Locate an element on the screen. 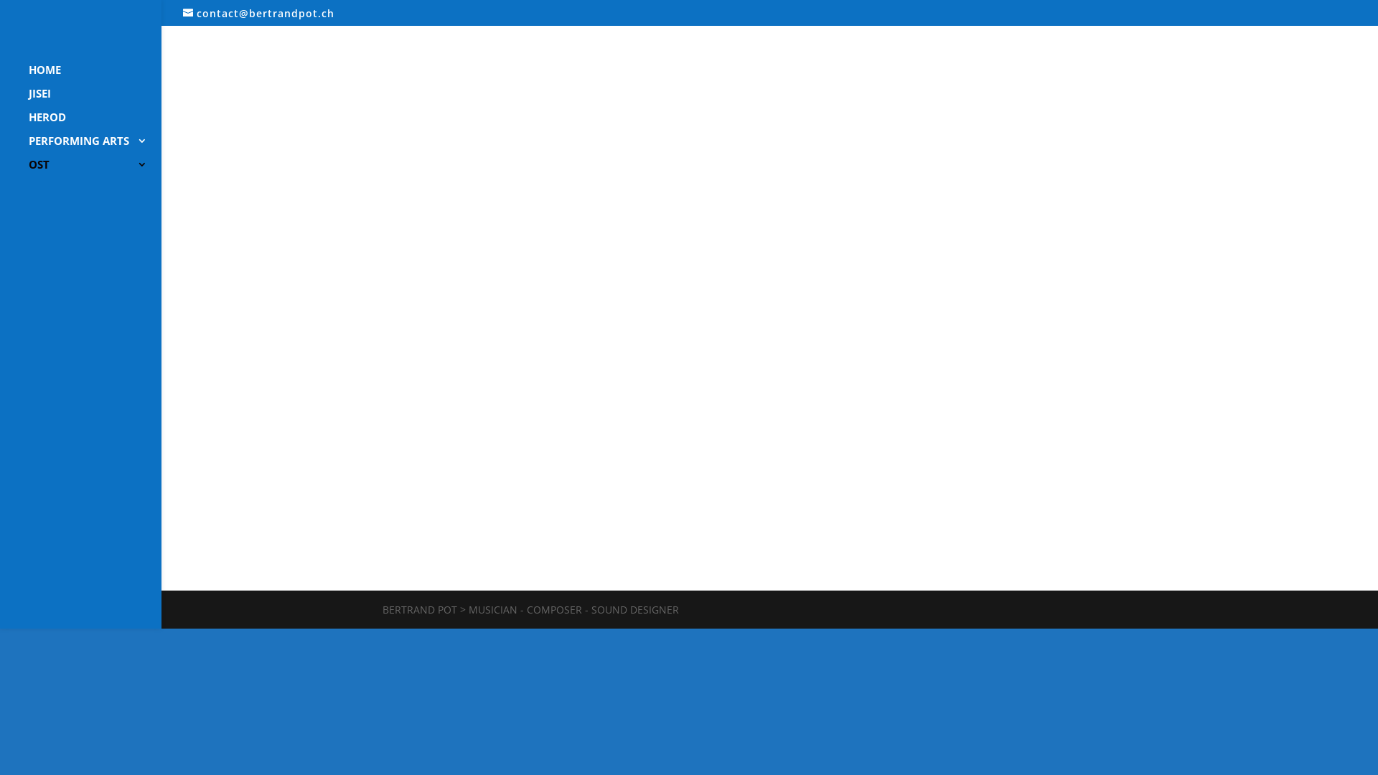 Image resolution: width=1378 pixels, height=775 pixels. 'contact@bertrandpot.ch' is located at coordinates (258, 12).